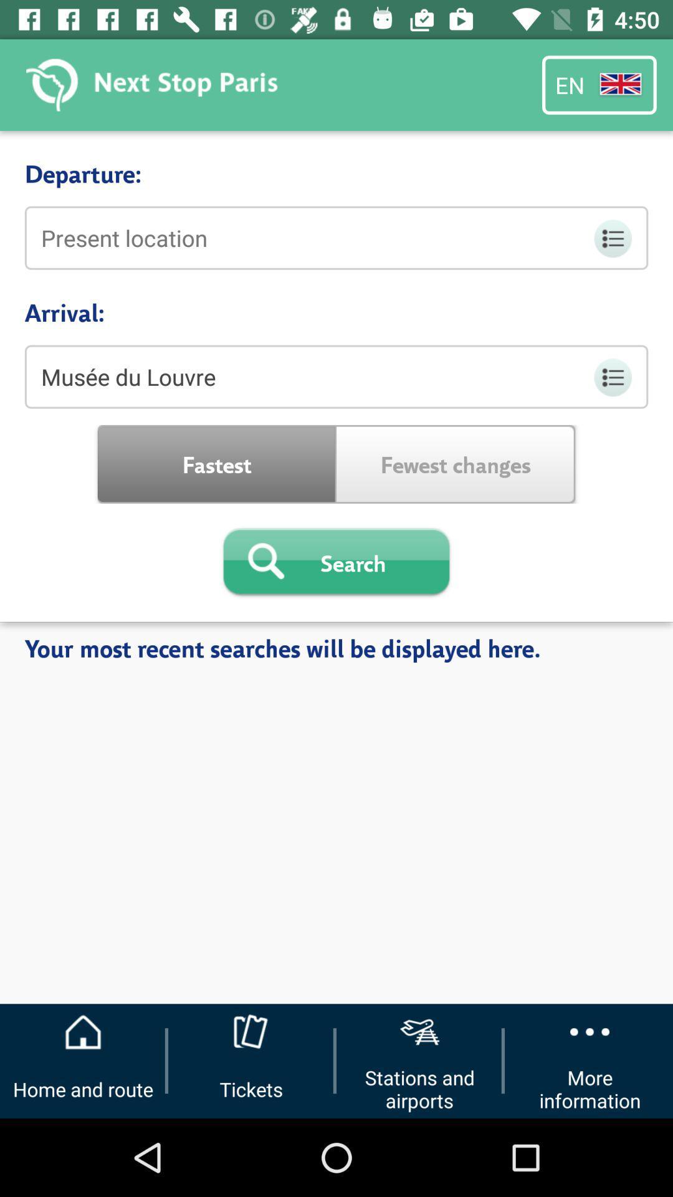 This screenshot has height=1197, width=673. Describe the element at coordinates (336, 376) in the screenshot. I see `item below the arrival:` at that location.